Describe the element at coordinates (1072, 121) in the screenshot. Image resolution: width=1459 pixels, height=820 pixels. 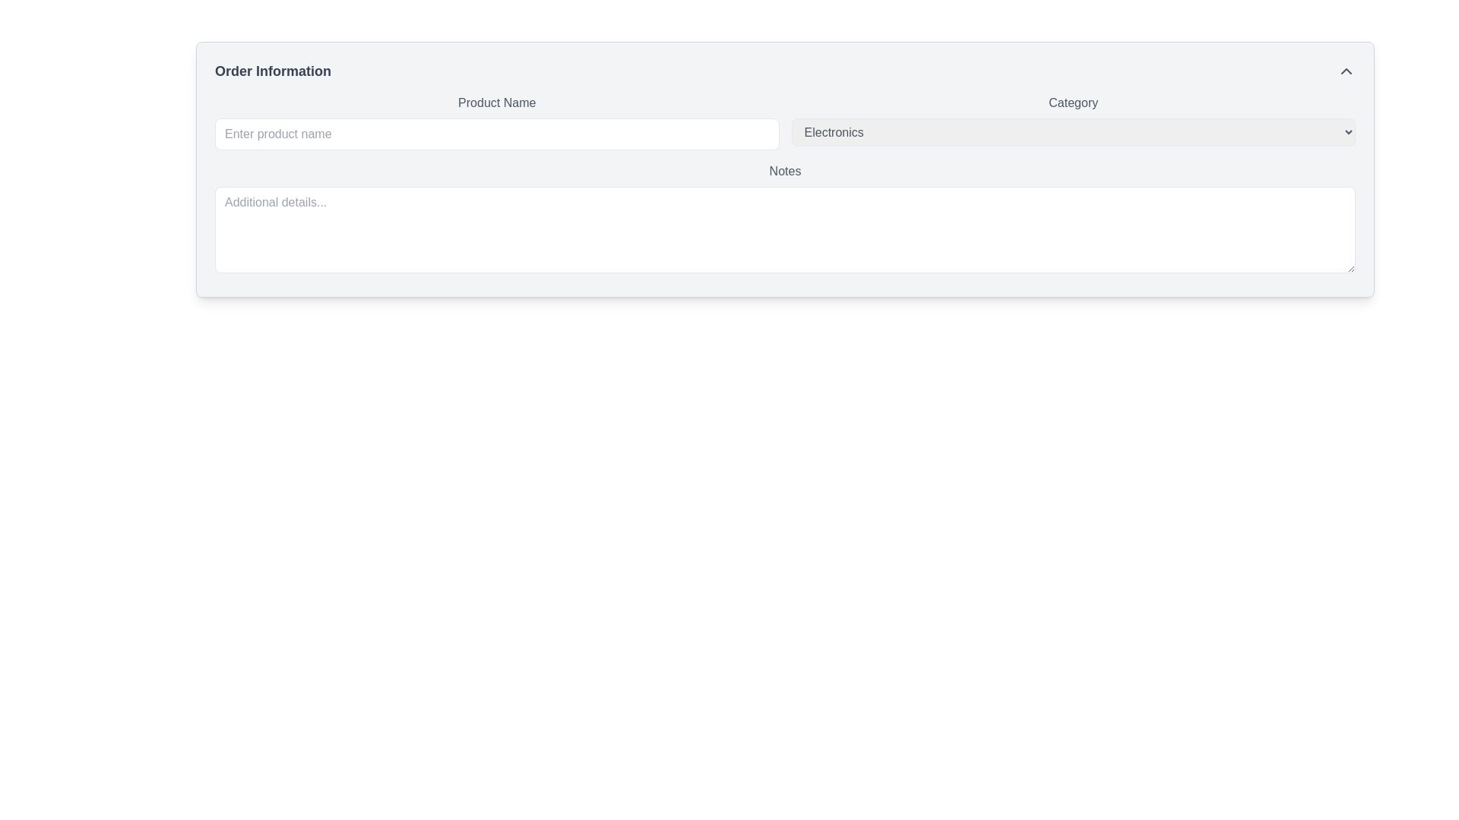
I see `the dropdown menu located in the top-right section of the 'Order Information' form` at that location.